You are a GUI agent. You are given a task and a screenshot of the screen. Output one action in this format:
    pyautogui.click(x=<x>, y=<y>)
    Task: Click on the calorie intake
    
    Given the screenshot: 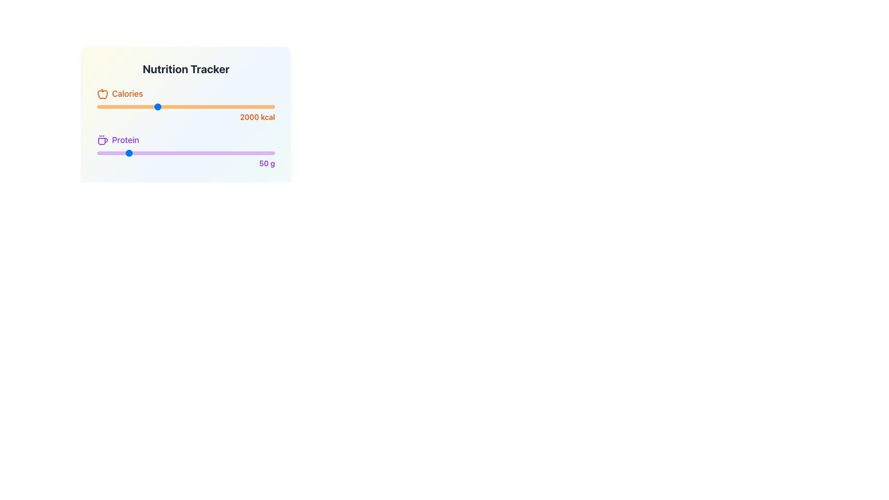 What is the action you would take?
    pyautogui.click(x=258, y=105)
    